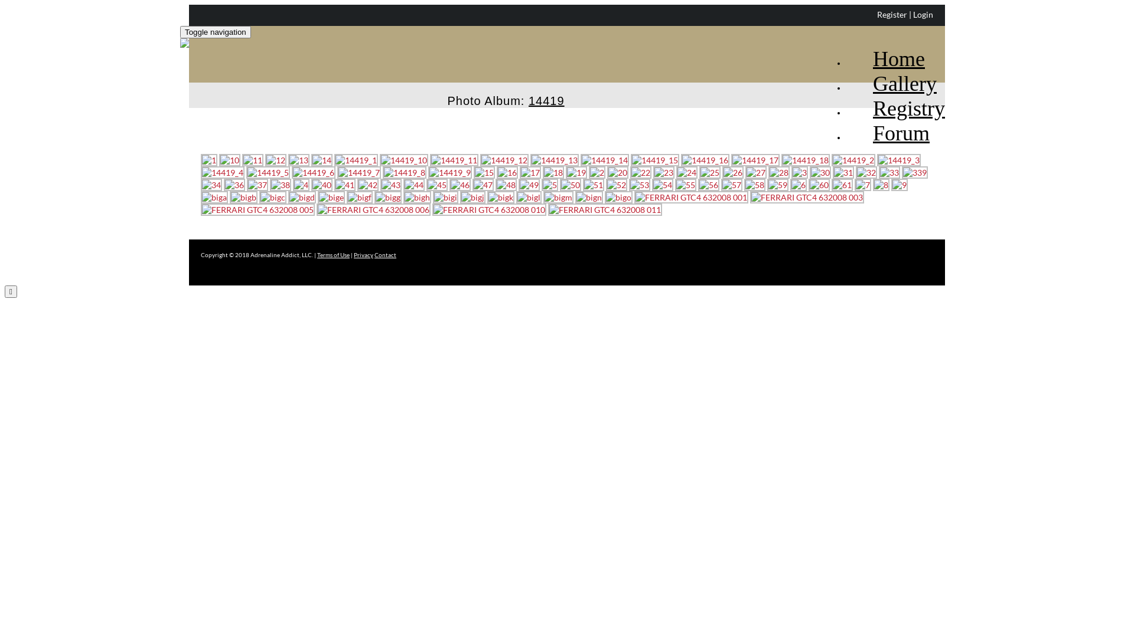  I want to click on 'bigk (click to enlarge)', so click(487, 196).